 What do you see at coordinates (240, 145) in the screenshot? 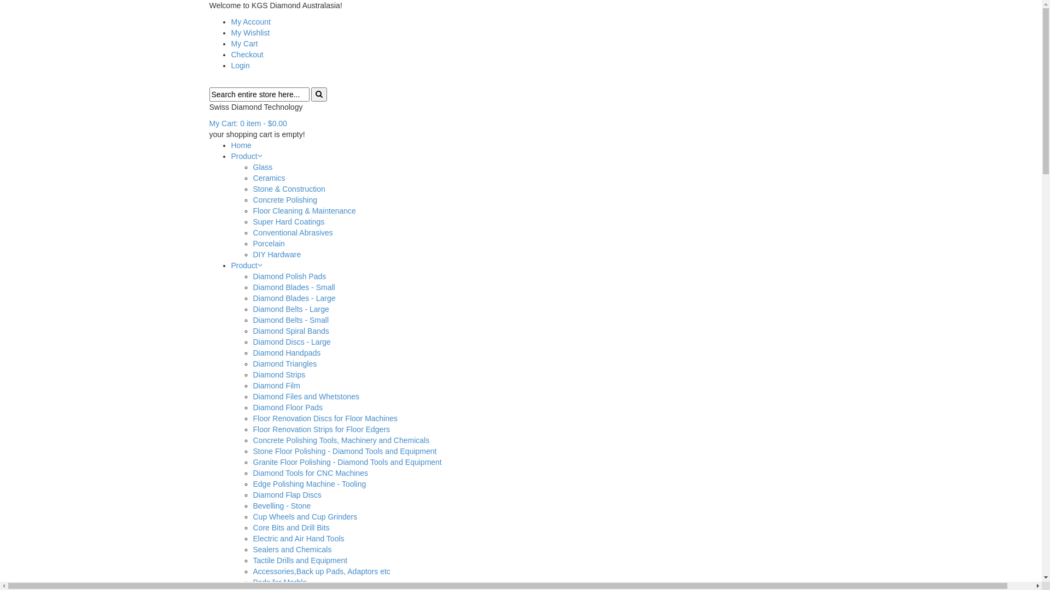
I see `'Home'` at bounding box center [240, 145].